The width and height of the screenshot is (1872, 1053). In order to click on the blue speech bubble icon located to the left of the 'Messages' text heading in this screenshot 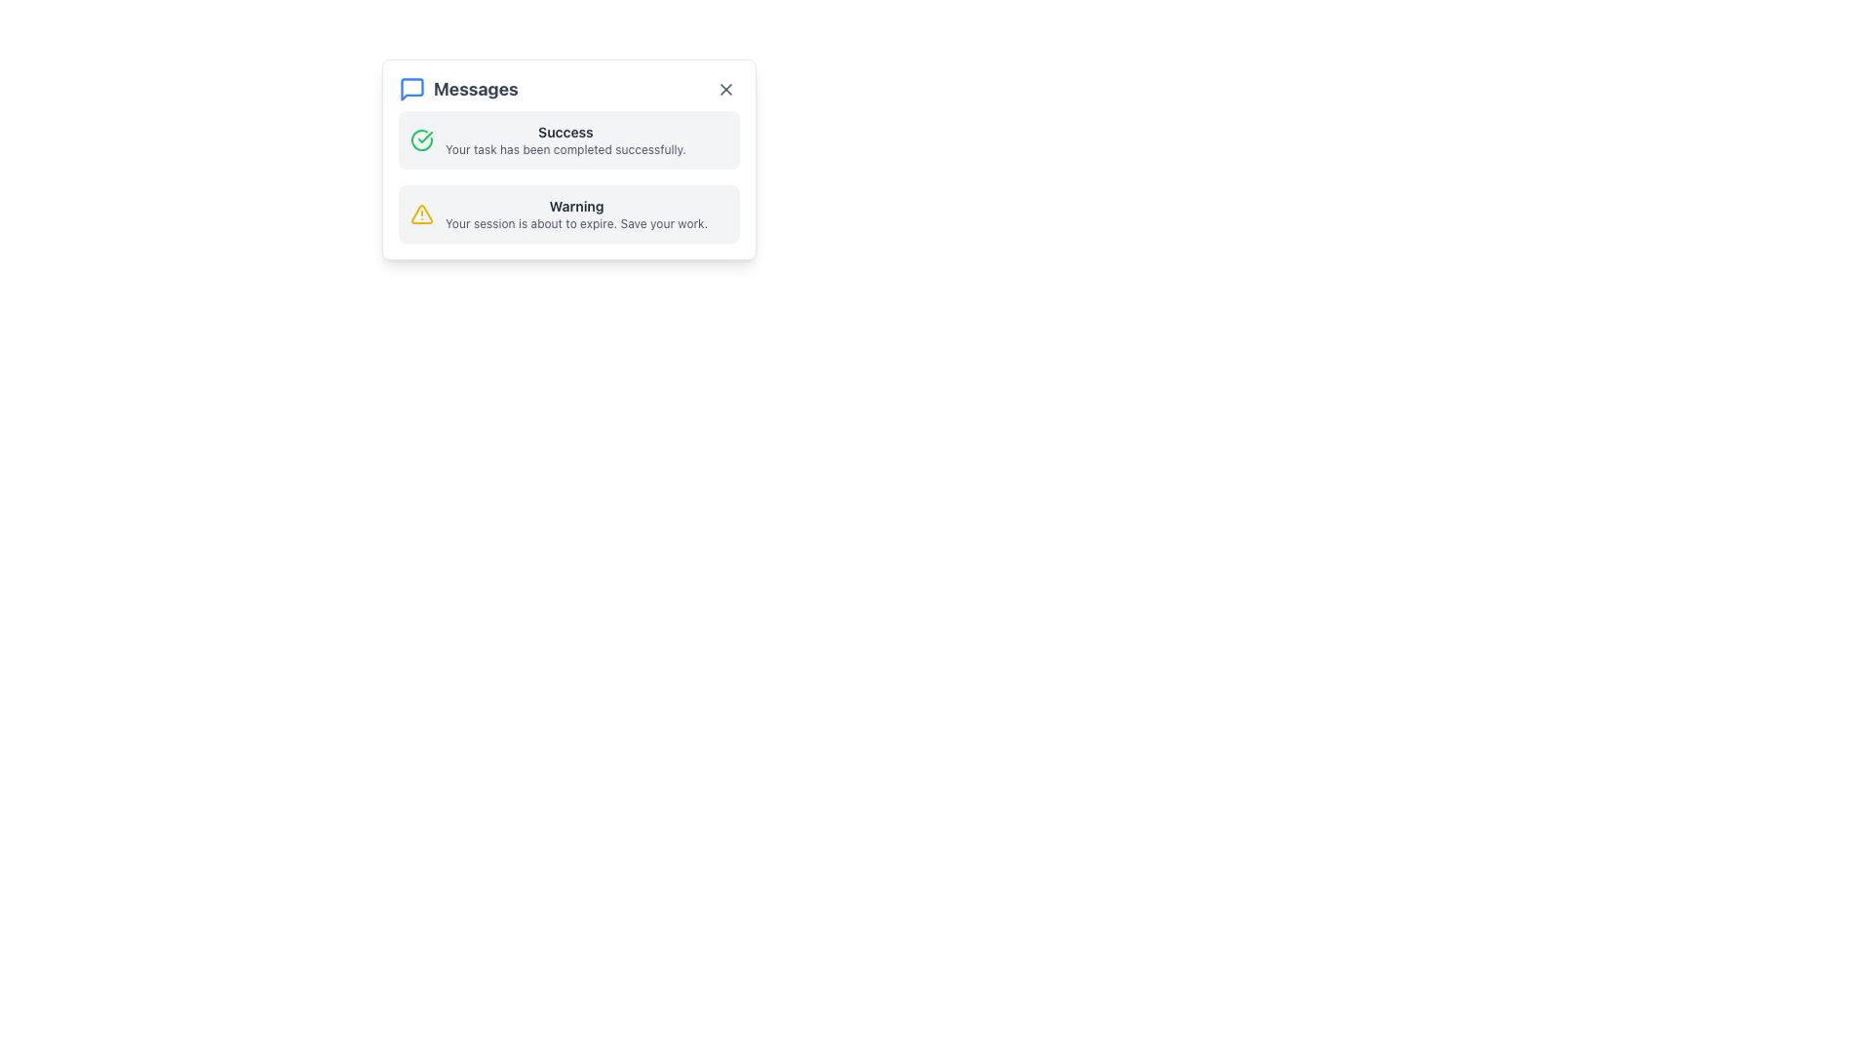, I will do `click(410, 90)`.